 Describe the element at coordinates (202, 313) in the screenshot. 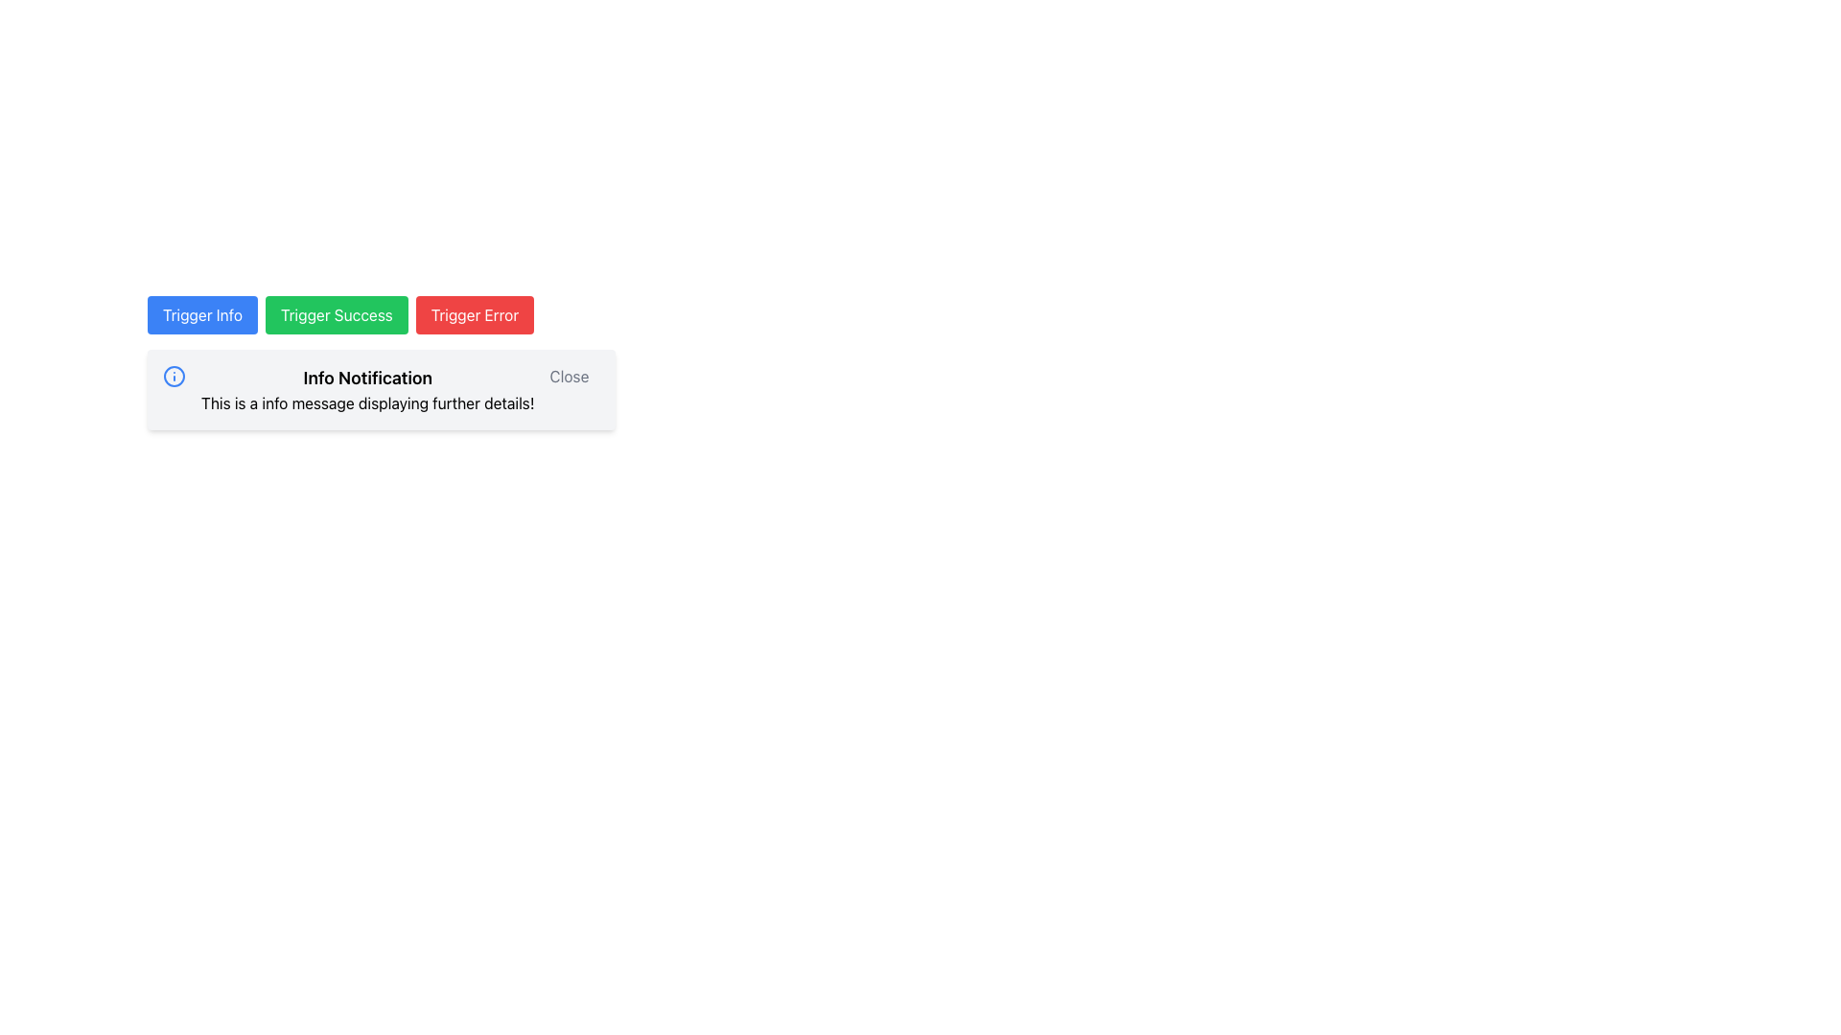

I see `the first button in the horizontal row that triggers an informational notification` at that location.